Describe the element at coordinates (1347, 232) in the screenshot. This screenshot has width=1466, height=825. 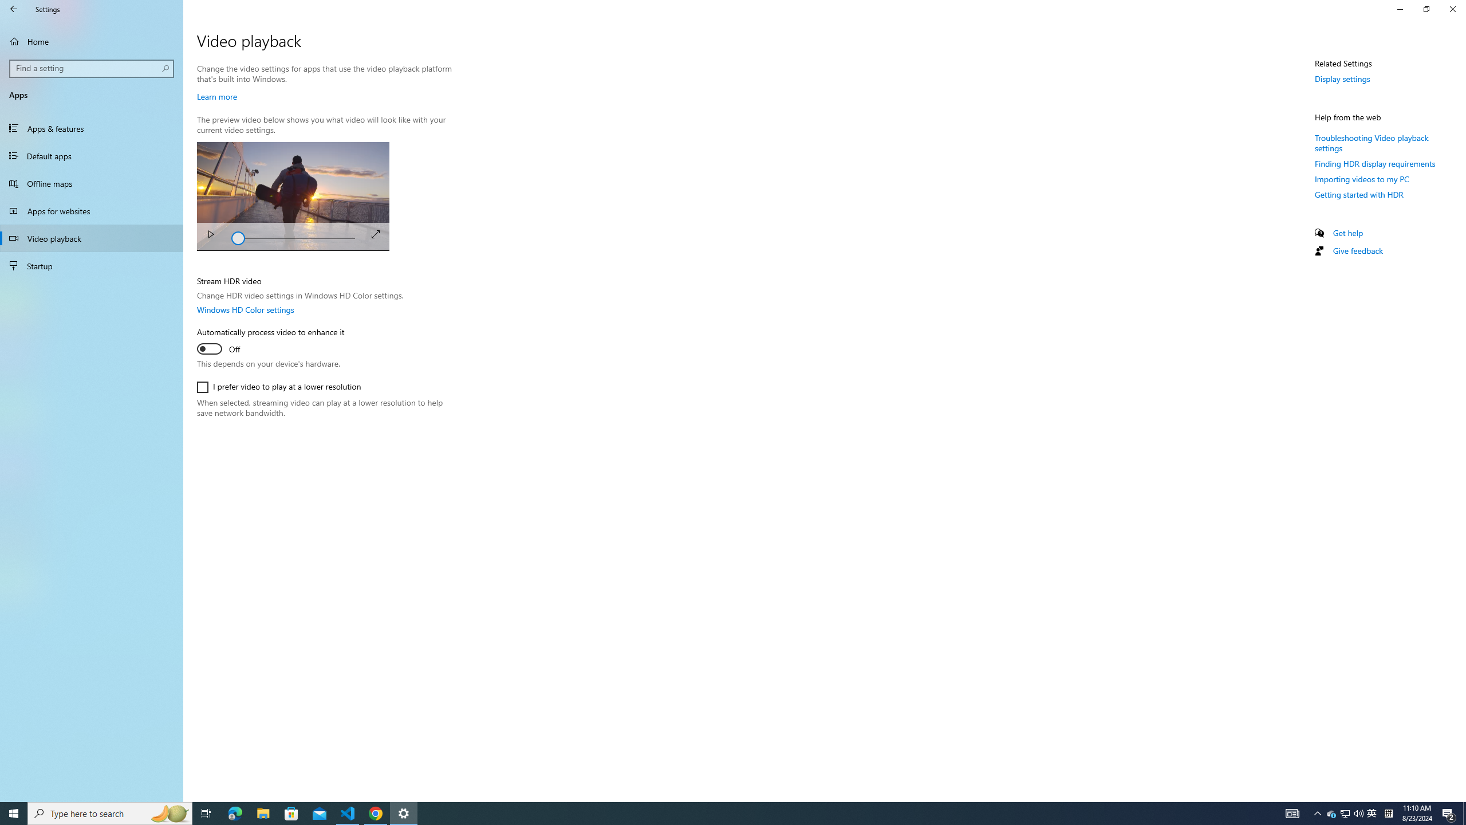
I see `'Get help'` at that location.